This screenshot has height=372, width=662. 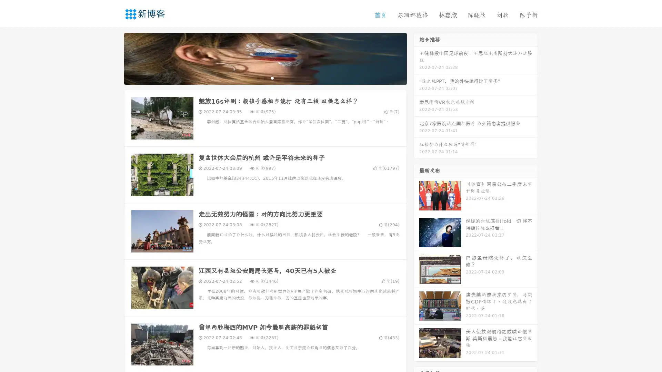 What do you see at coordinates (265, 77) in the screenshot?
I see `Go to slide 2` at bounding box center [265, 77].